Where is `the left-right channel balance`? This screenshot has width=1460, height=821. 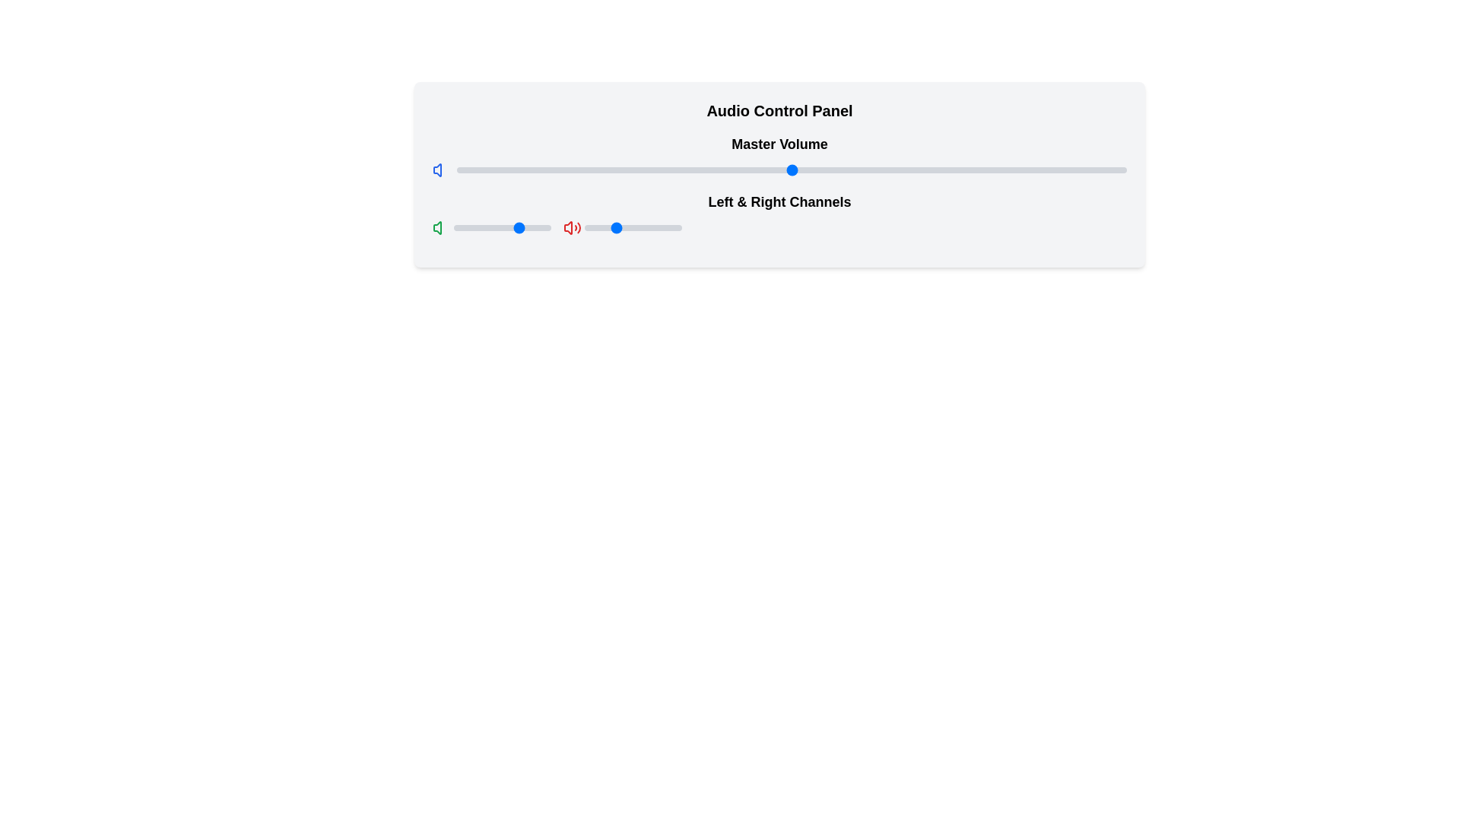 the left-right channel balance is located at coordinates (522, 228).